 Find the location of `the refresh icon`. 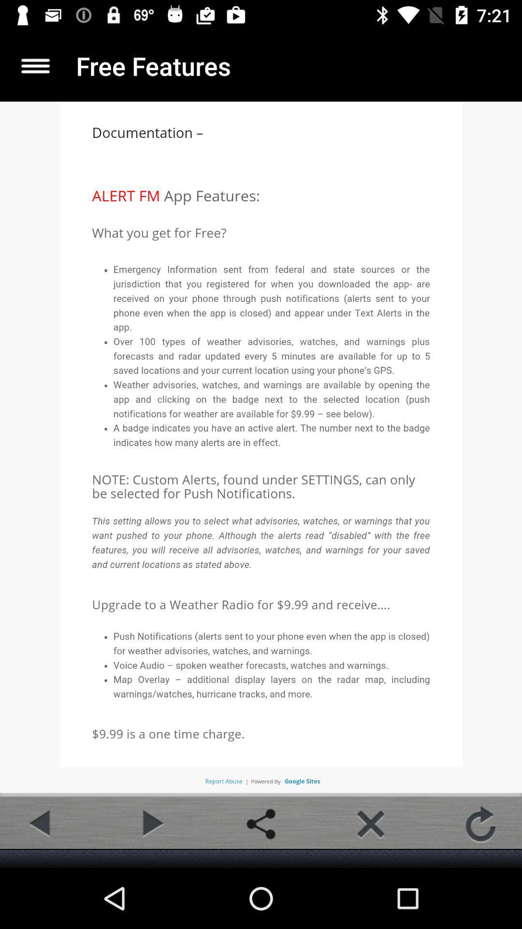

the refresh icon is located at coordinates (480, 824).